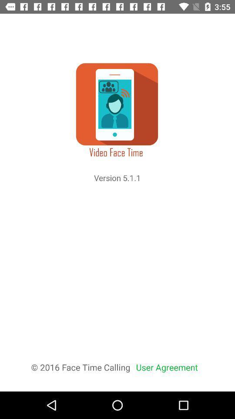  Describe the element at coordinates (167, 367) in the screenshot. I see `item to the right of the 2016 face time` at that location.